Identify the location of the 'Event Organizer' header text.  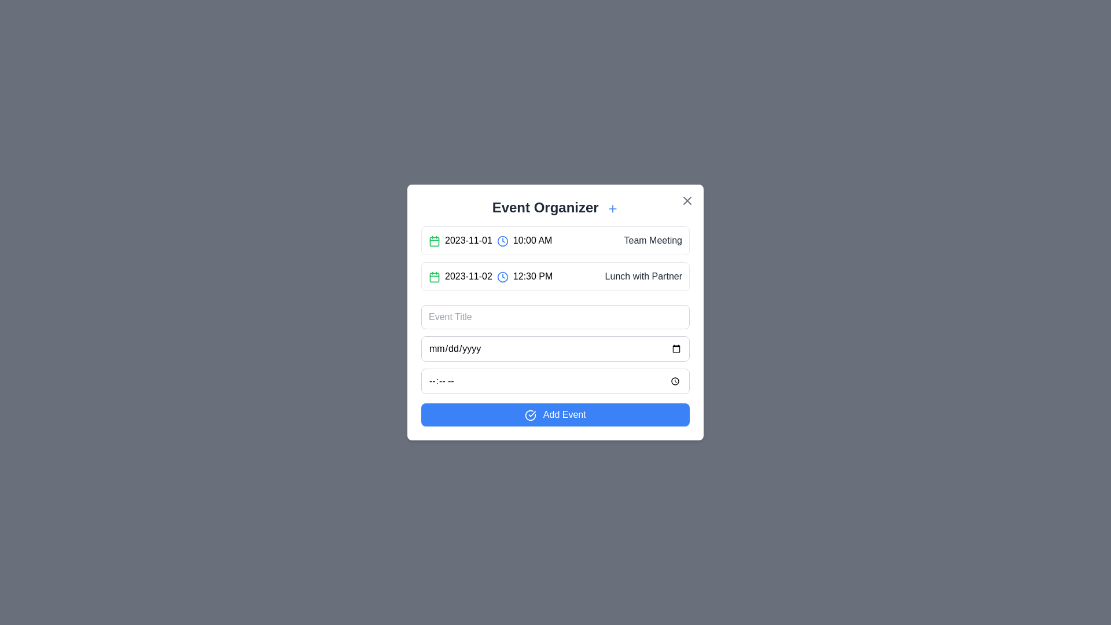
(555, 207).